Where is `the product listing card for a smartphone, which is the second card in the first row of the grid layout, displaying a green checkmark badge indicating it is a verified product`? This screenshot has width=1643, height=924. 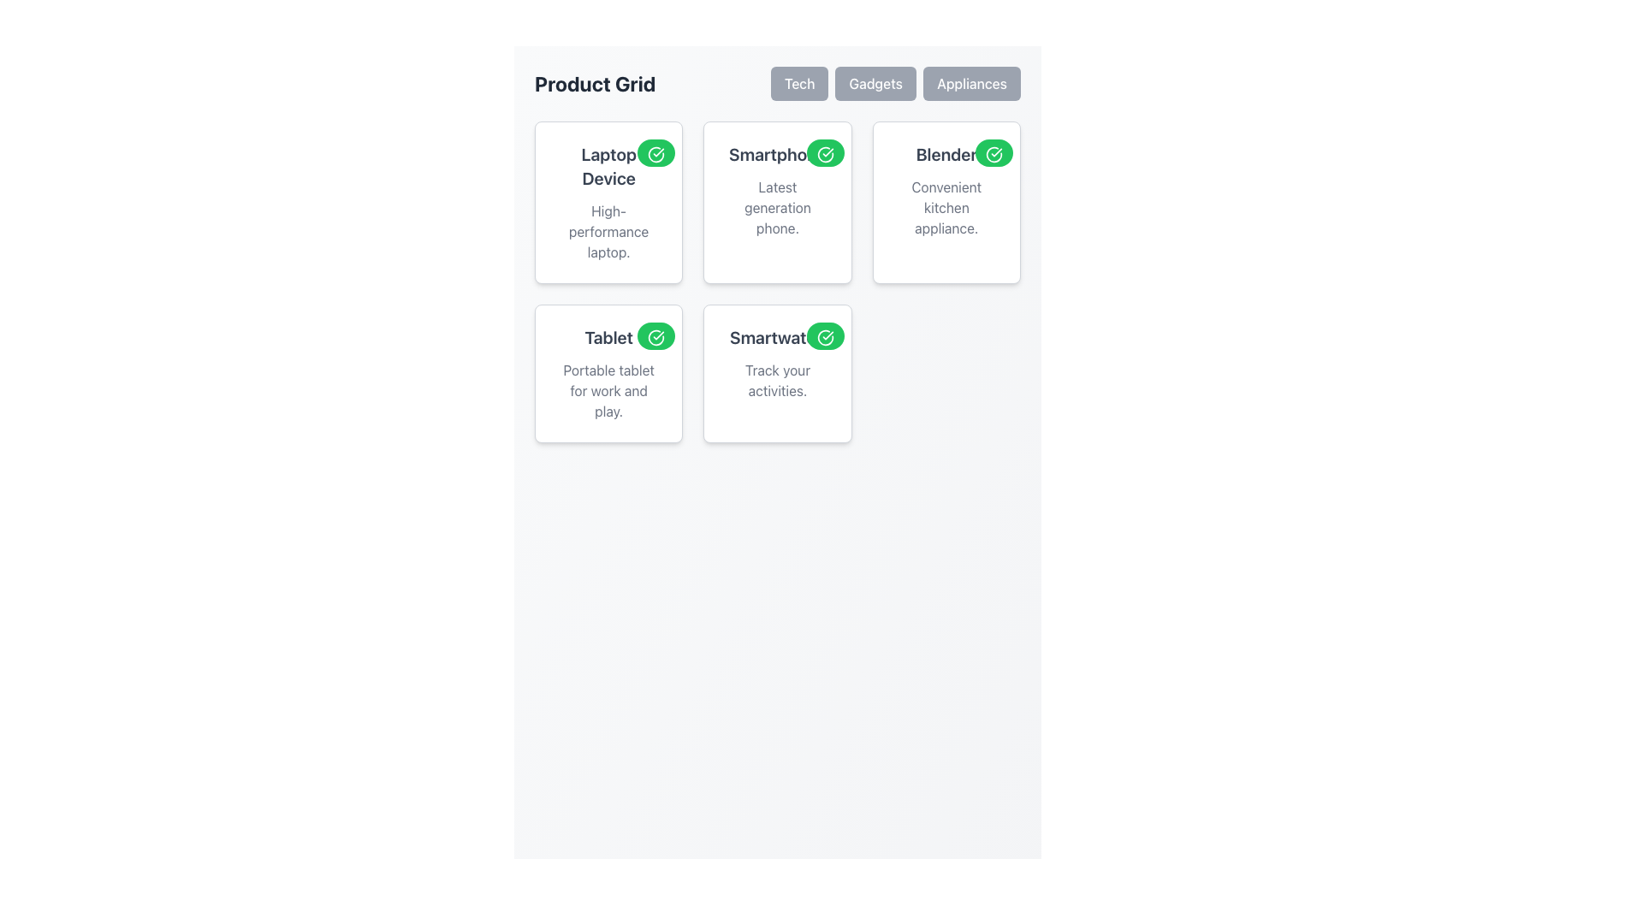 the product listing card for a smartphone, which is the second card in the first row of the grid layout, displaying a green checkmark badge indicating it is a verified product is located at coordinates (776, 201).